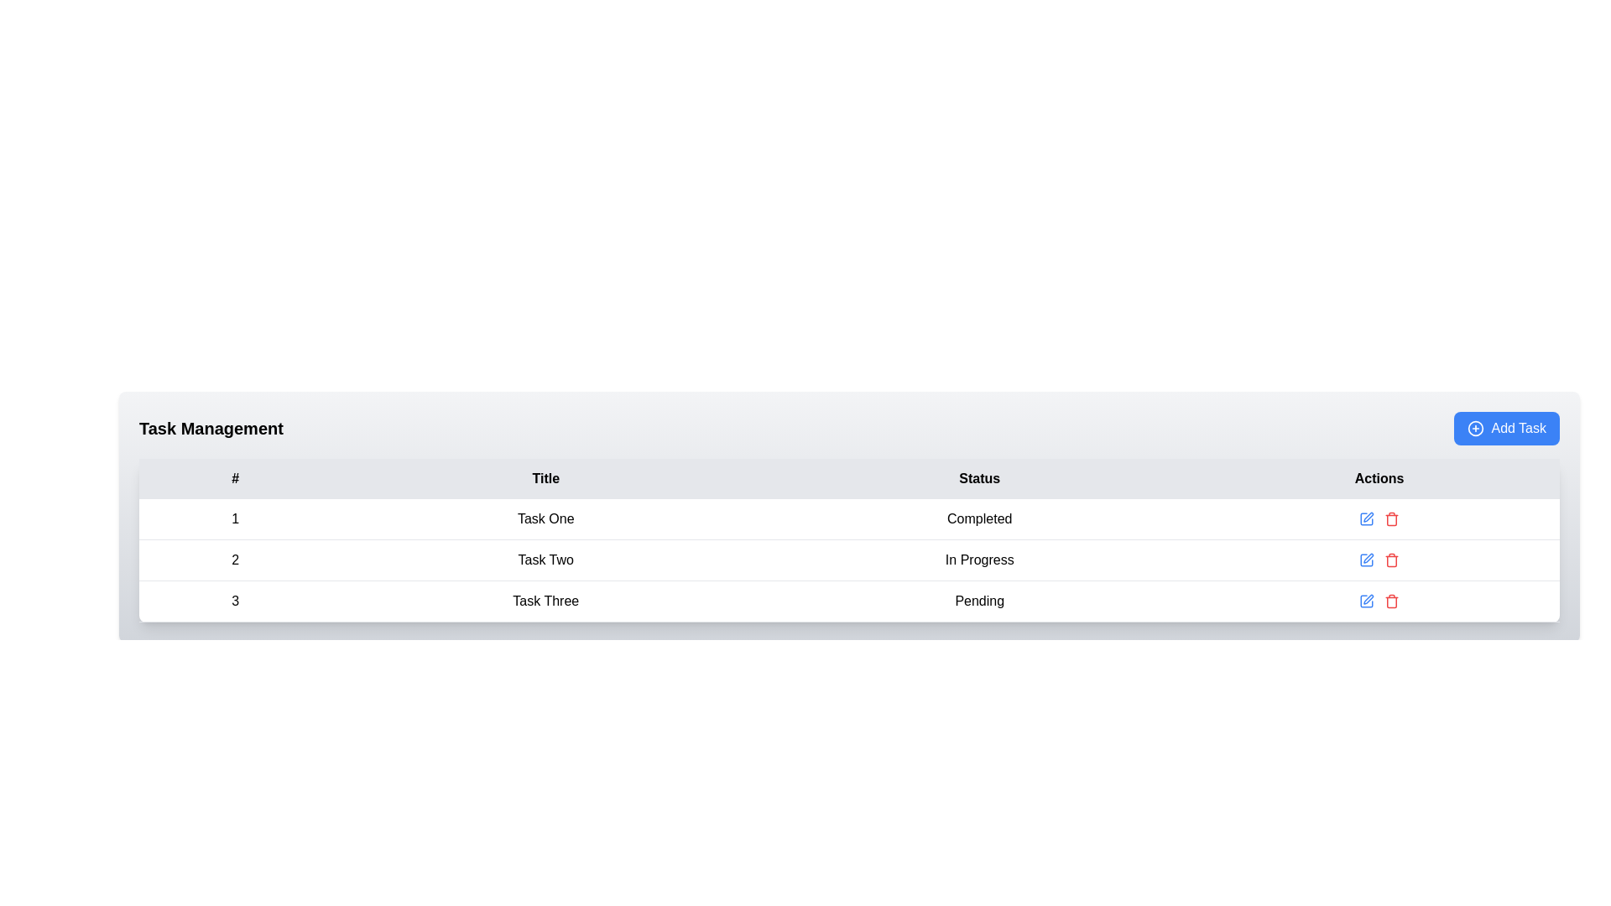 The height and width of the screenshot is (906, 1611). Describe the element at coordinates (1475, 427) in the screenshot. I see `the SVG Circle element that indicates the 'Add Task' functionality, which is part of the button with text 'Add Task' located in the top-right corner of the table interface` at that location.